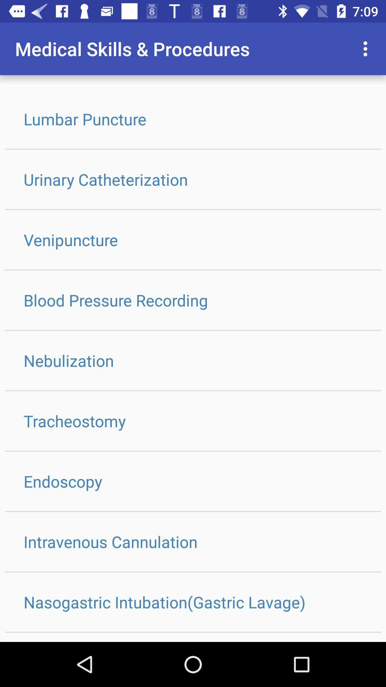  Describe the element at coordinates (193, 421) in the screenshot. I see `the tracheostomy` at that location.